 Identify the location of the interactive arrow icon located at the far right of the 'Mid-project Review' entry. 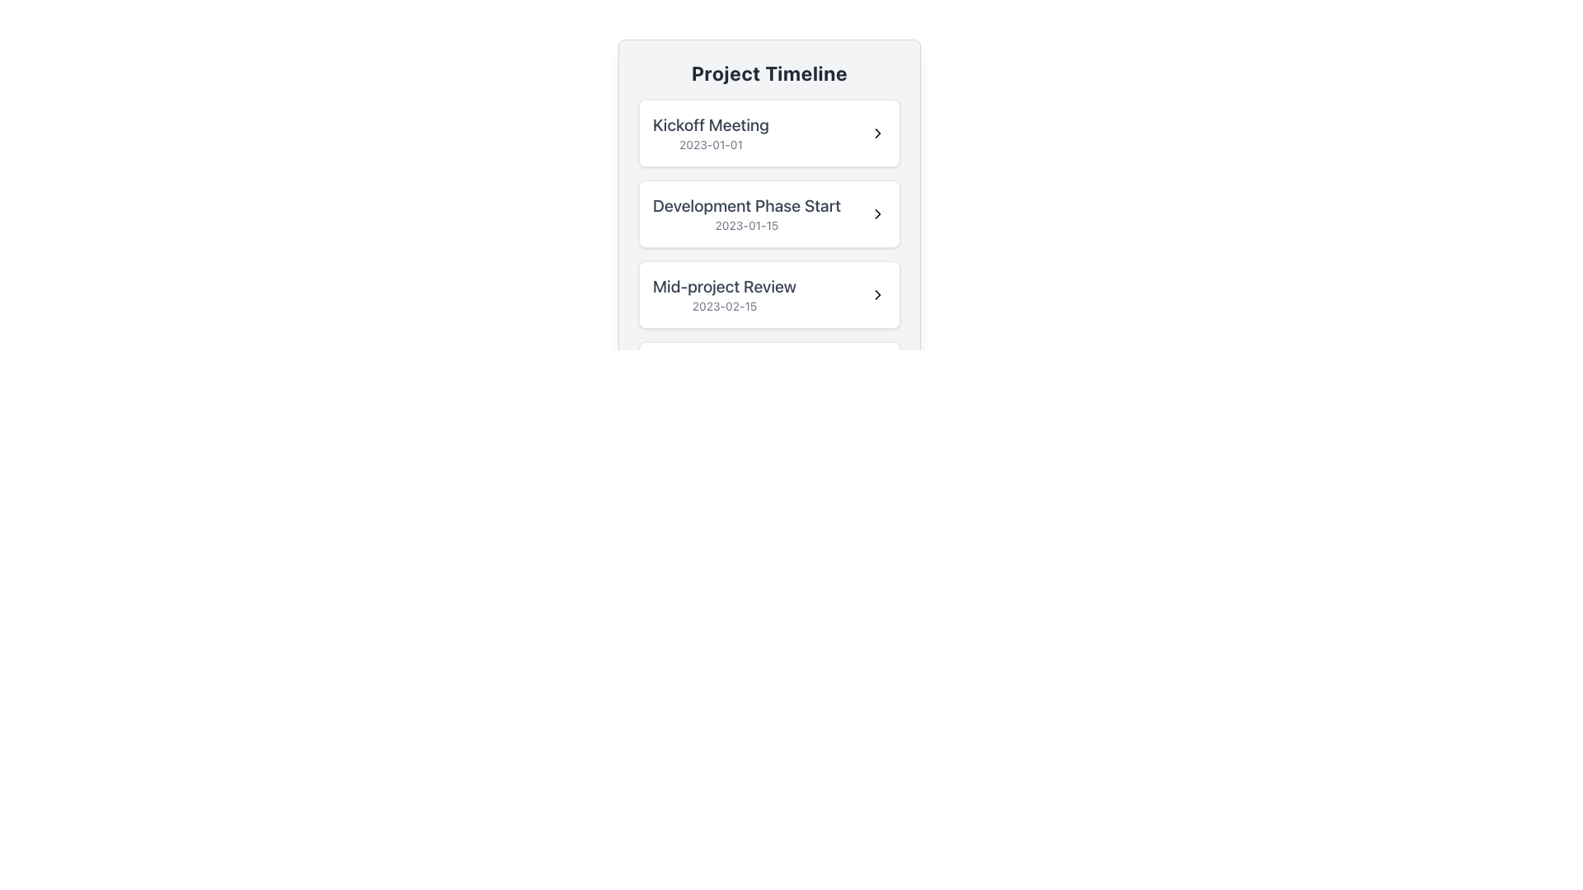
(877, 294).